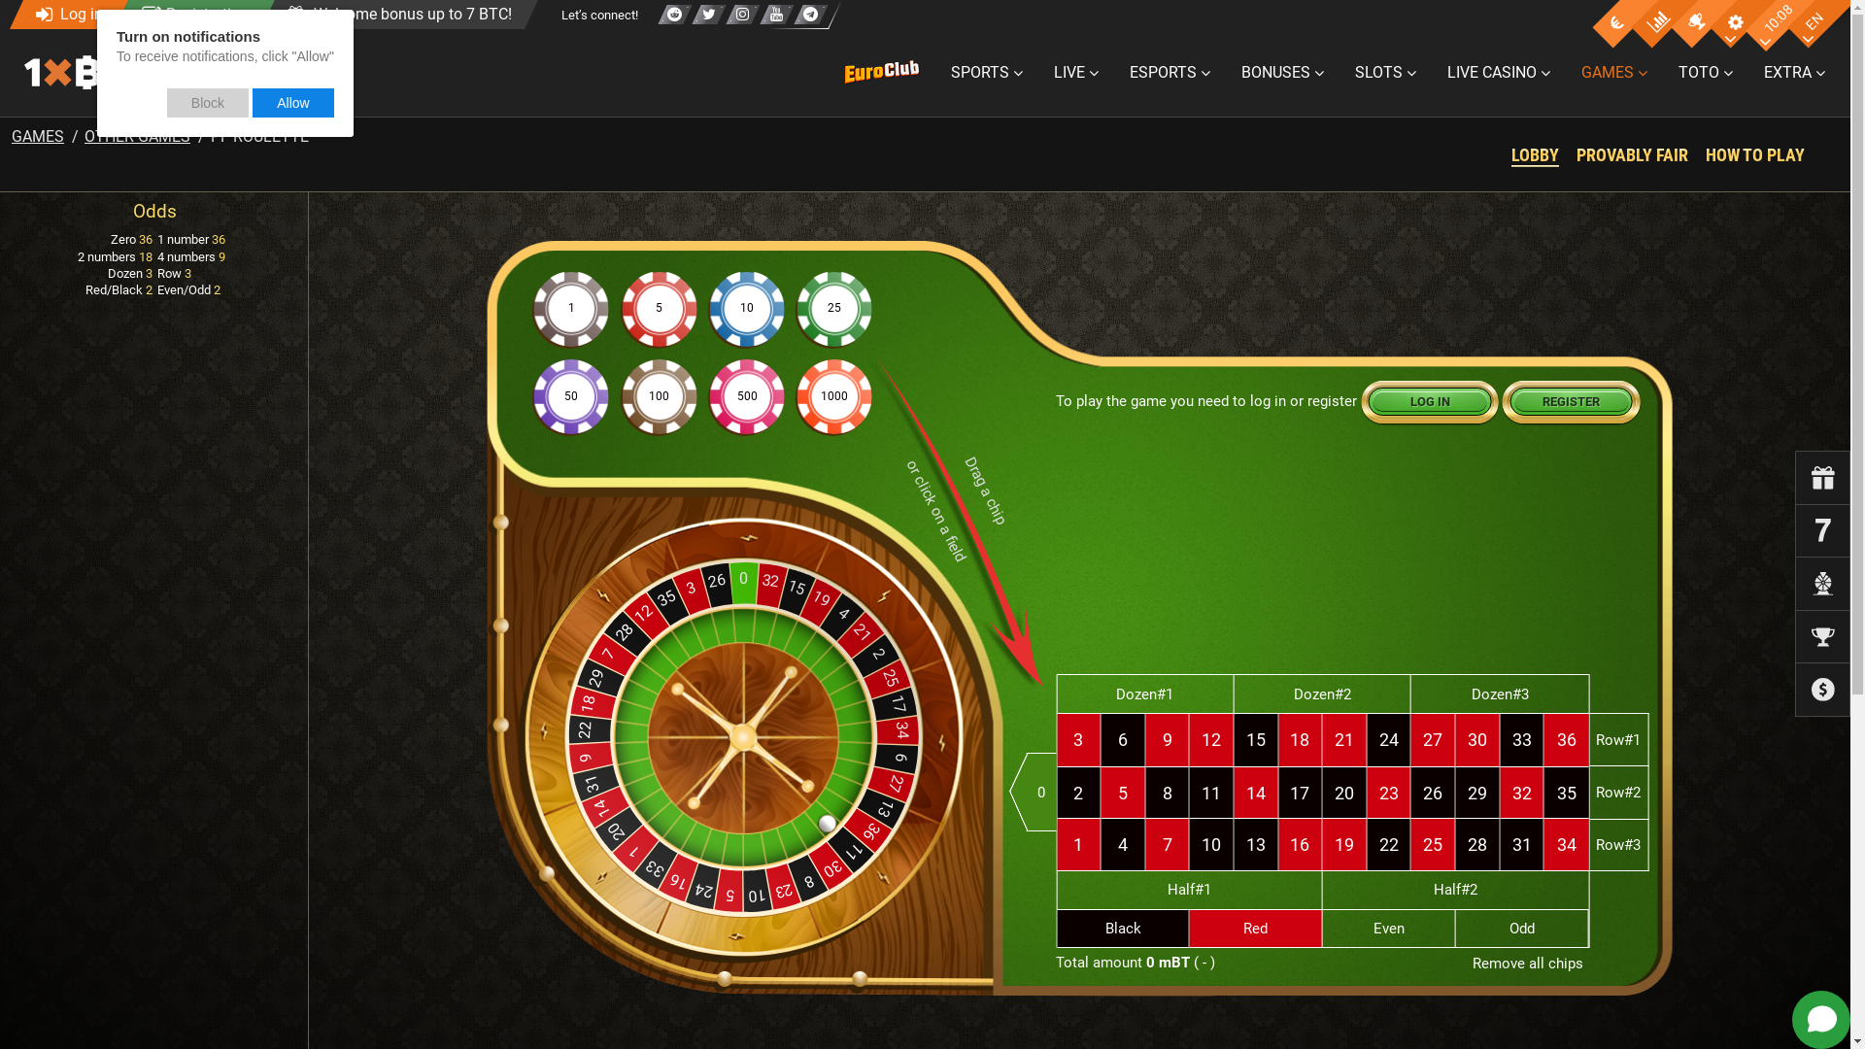  What do you see at coordinates (1705, 71) in the screenshot?
I see `'TOTO'` at bounding box center [1705, 71].